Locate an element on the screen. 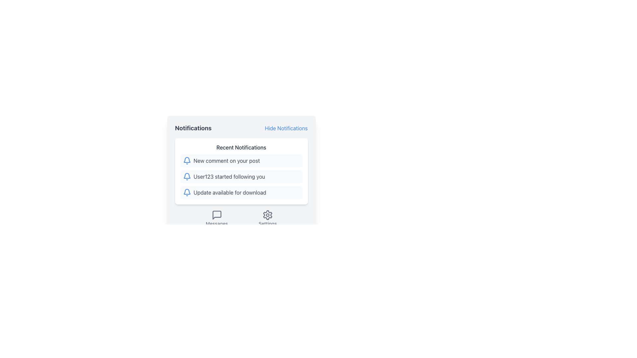  the 'Messages' Icon and Text Button located at the bottom of the interface is located at coordinates (217, 218).